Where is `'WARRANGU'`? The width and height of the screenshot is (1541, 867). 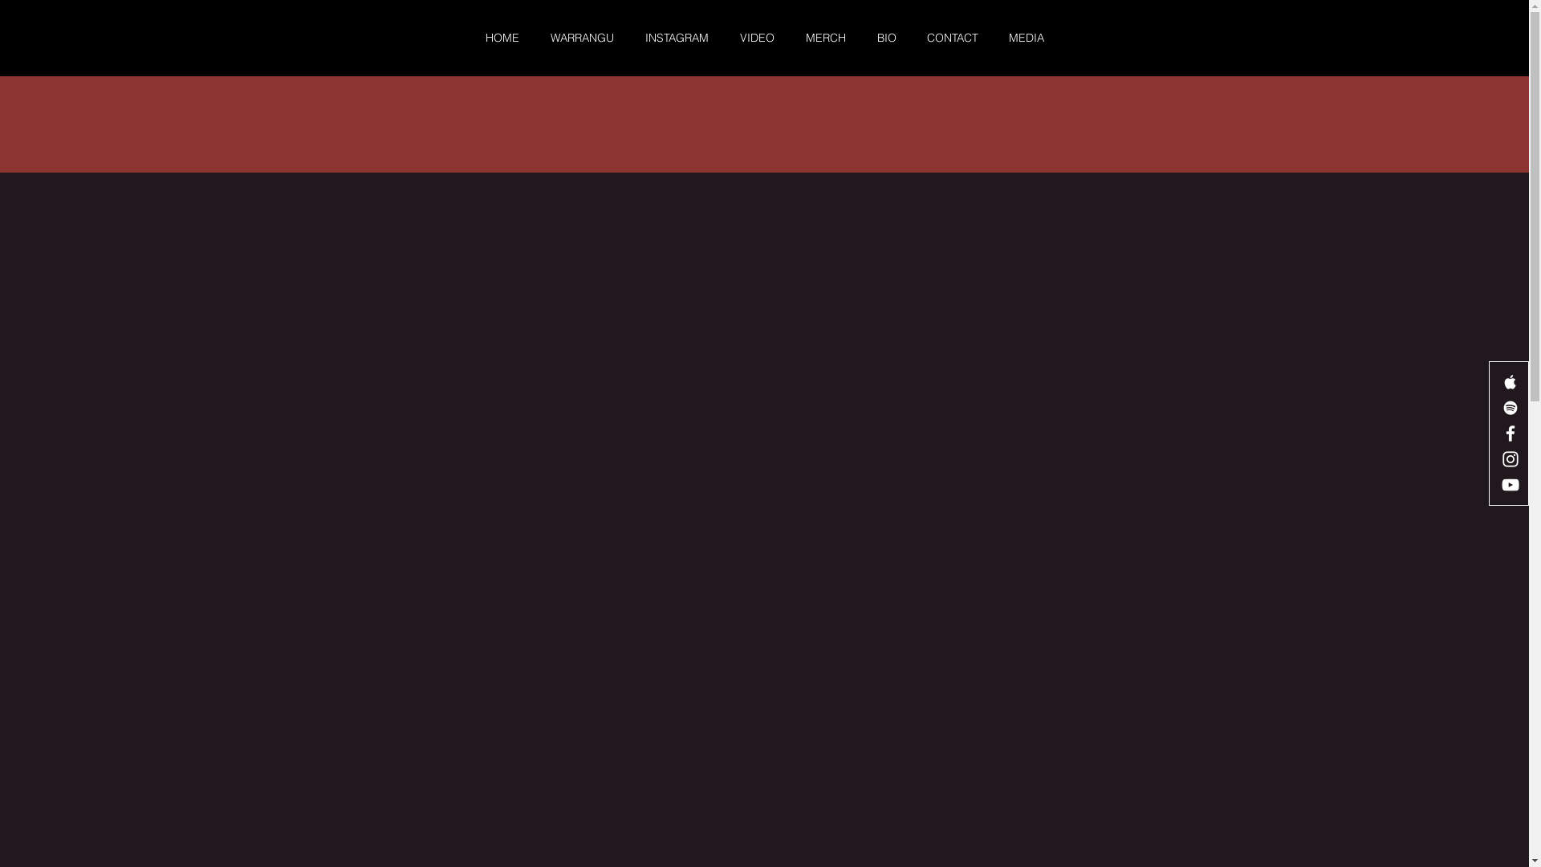 'WARRANGU' is located at coordinates (580, 37).